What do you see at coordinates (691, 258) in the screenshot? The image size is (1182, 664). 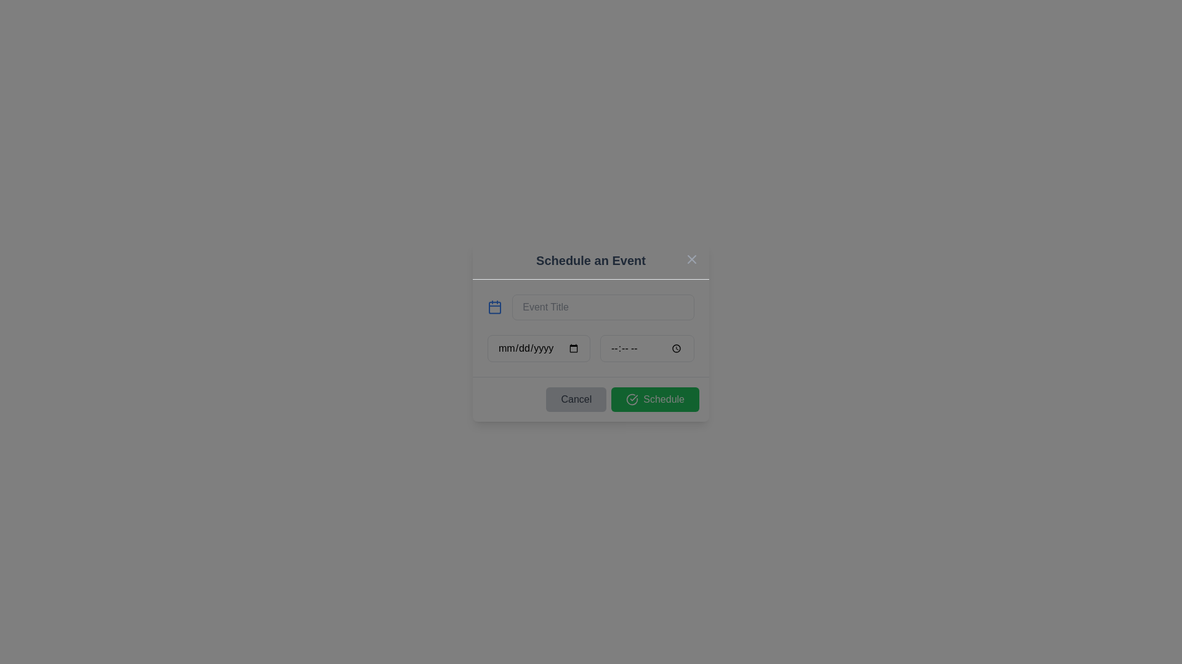 I see `the close button located in the top-right corner of the 'Schedule an Event' dialog box to change its color` at bounding box center [691, 258].